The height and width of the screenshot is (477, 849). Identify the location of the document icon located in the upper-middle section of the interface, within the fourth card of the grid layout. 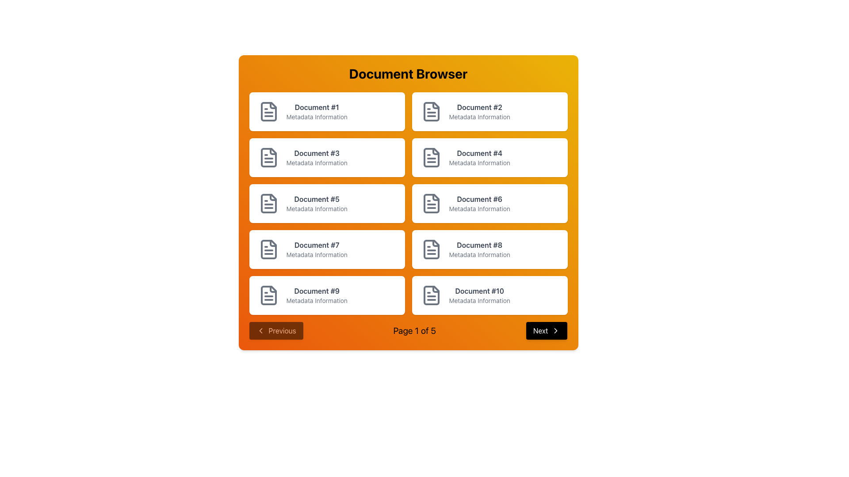
(431, 157).